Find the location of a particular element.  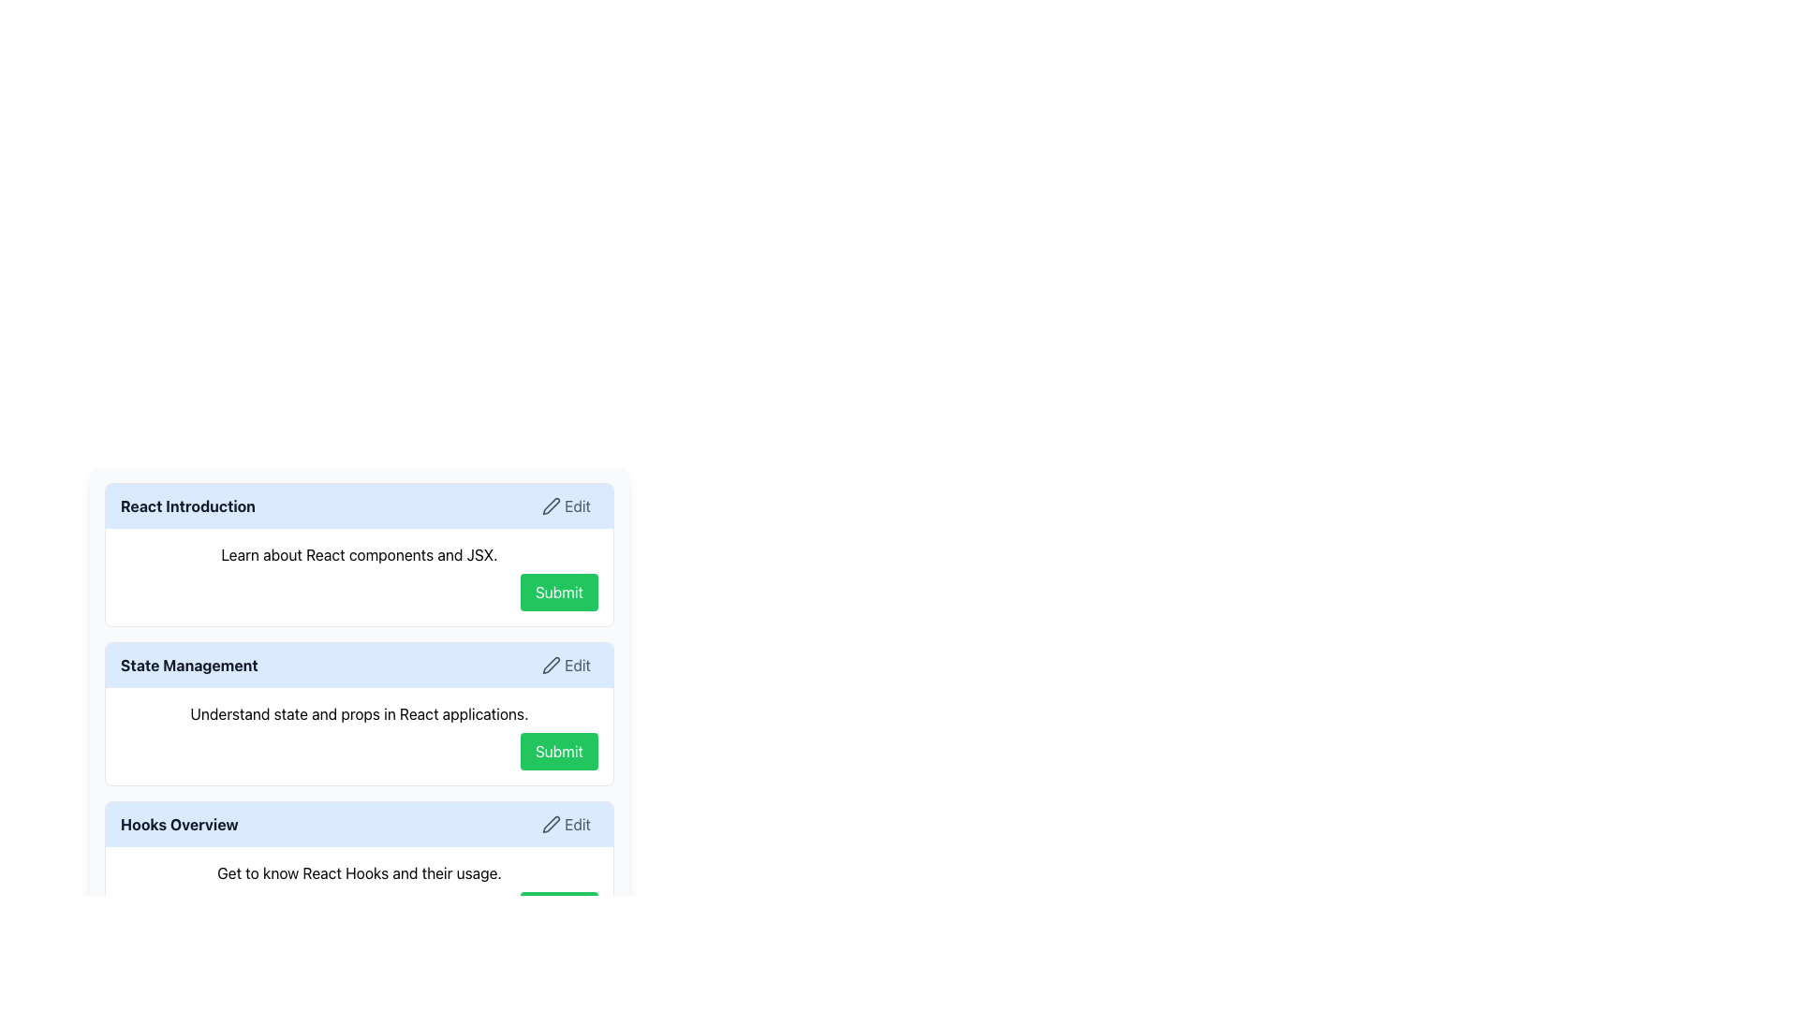

the unique green 'Submit' button located at the center of the lower section labeled 'React Introduction' is located at coordinates (558, 592).